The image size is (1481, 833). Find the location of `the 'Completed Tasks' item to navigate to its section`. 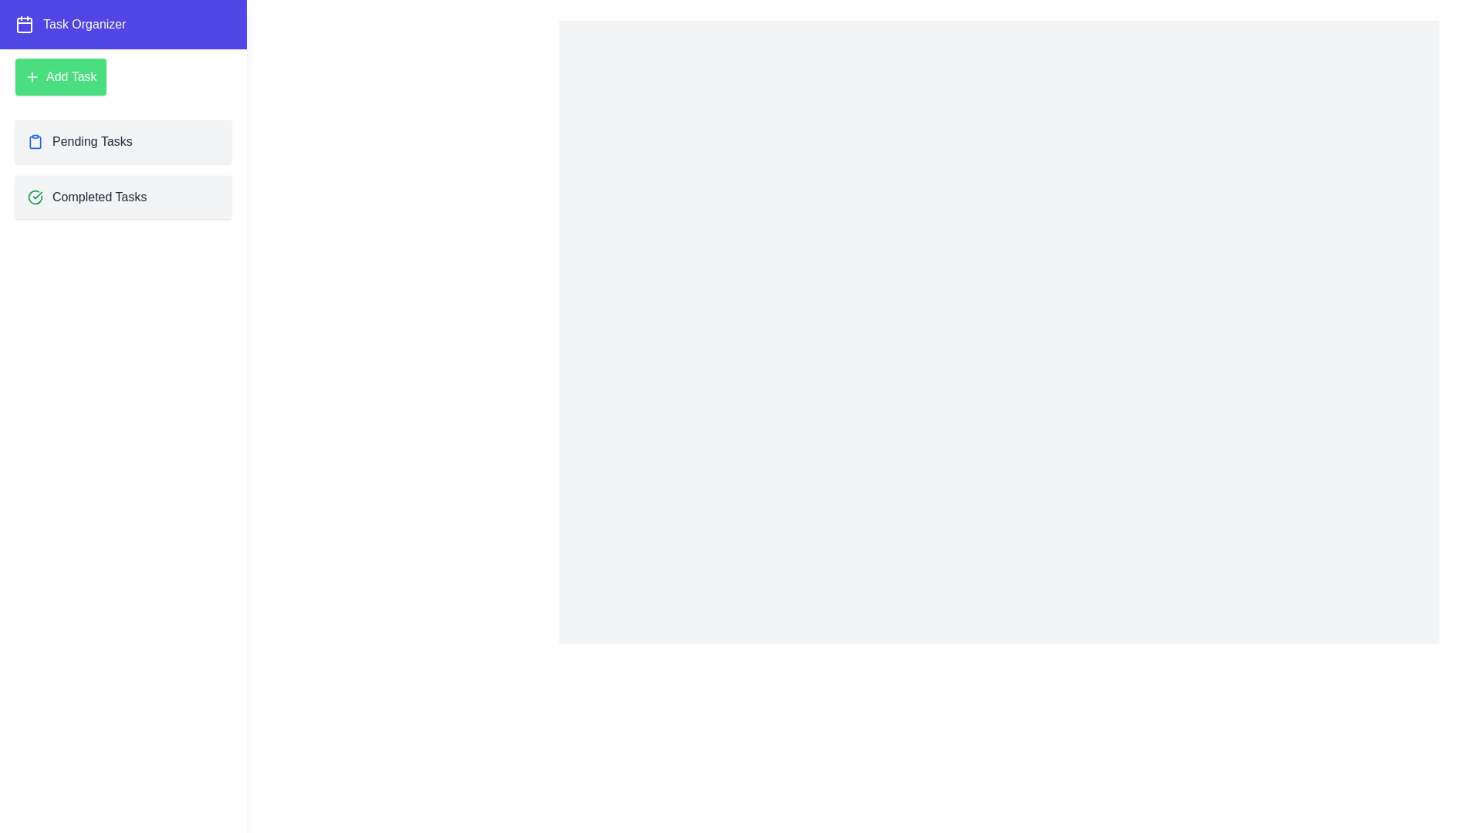

the 'Completed Tasks' item to navigate to its section is located at coordinates (122, 196).